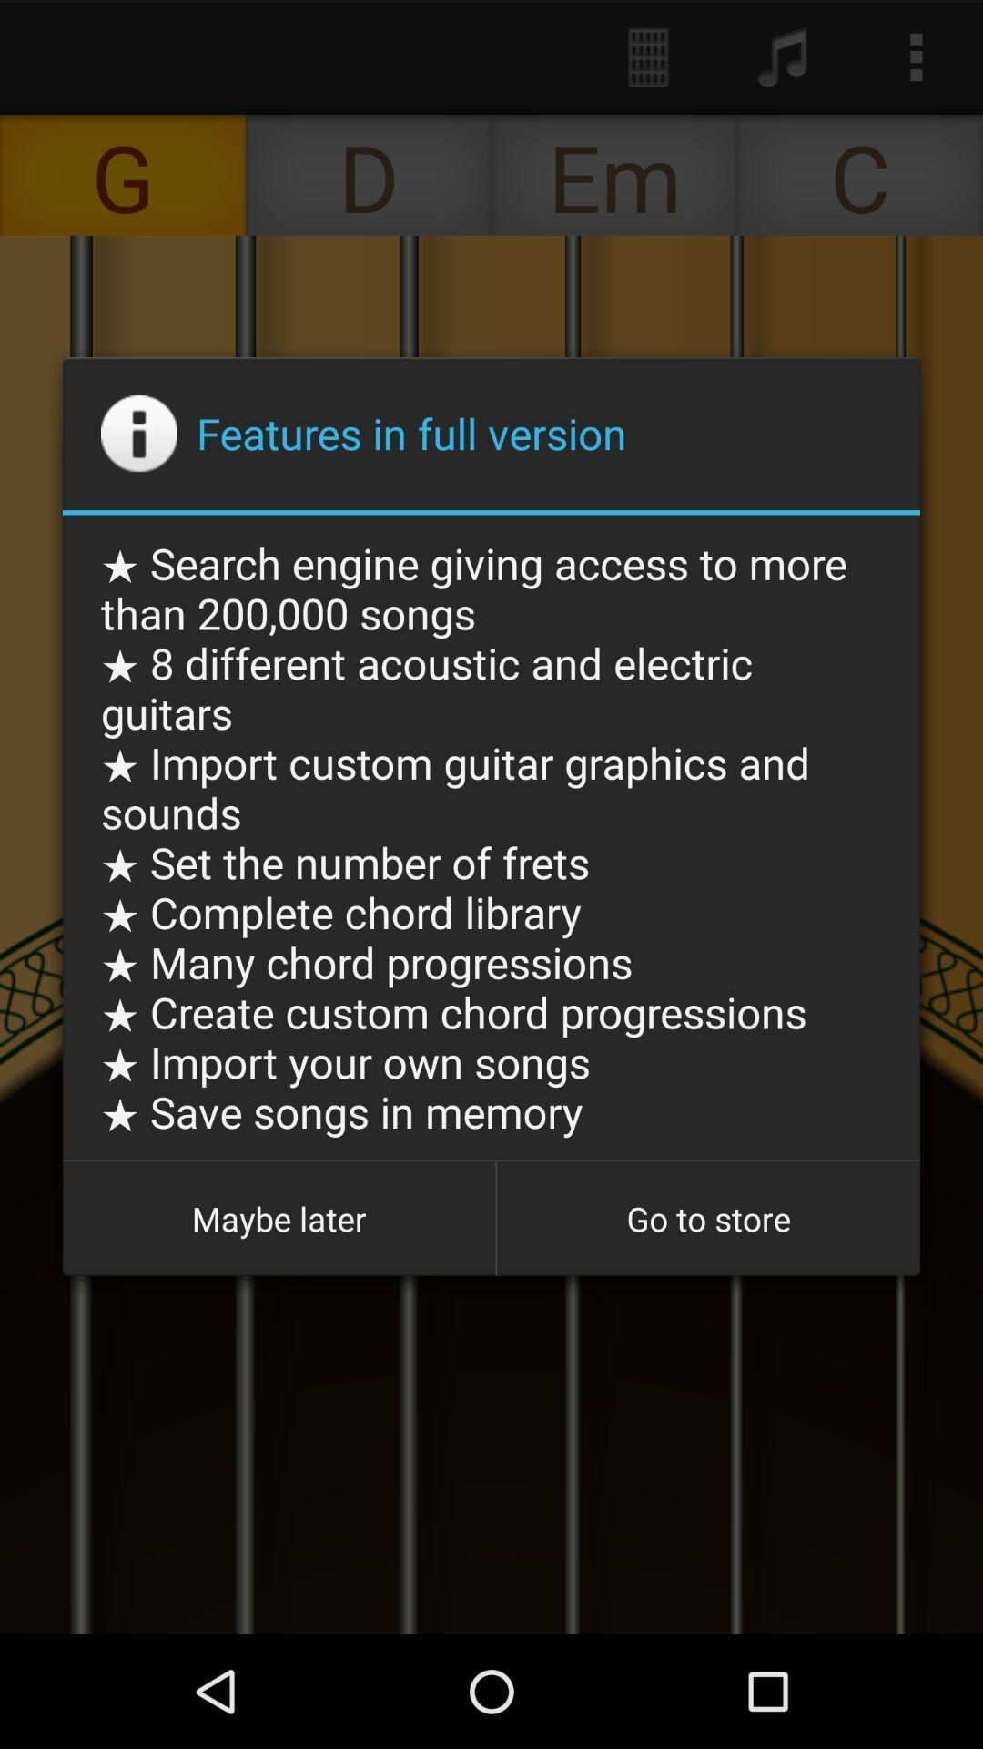 This screenshot has width=983, height=1749. Describe the element at coordinates (279, 1219) in the screenshot. I see `the button next to go to store` at that location.